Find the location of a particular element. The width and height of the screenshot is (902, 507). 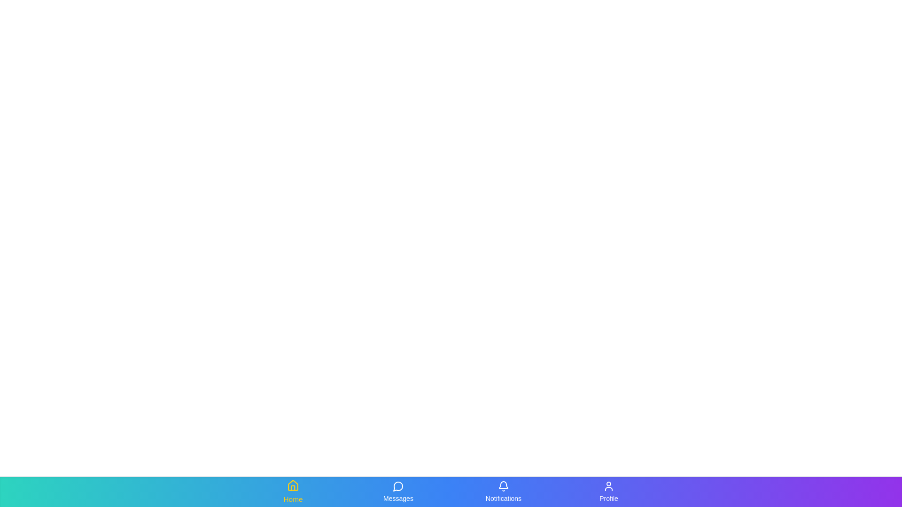

the Home tab from the navigation bar is located at coordinates (293, 492).